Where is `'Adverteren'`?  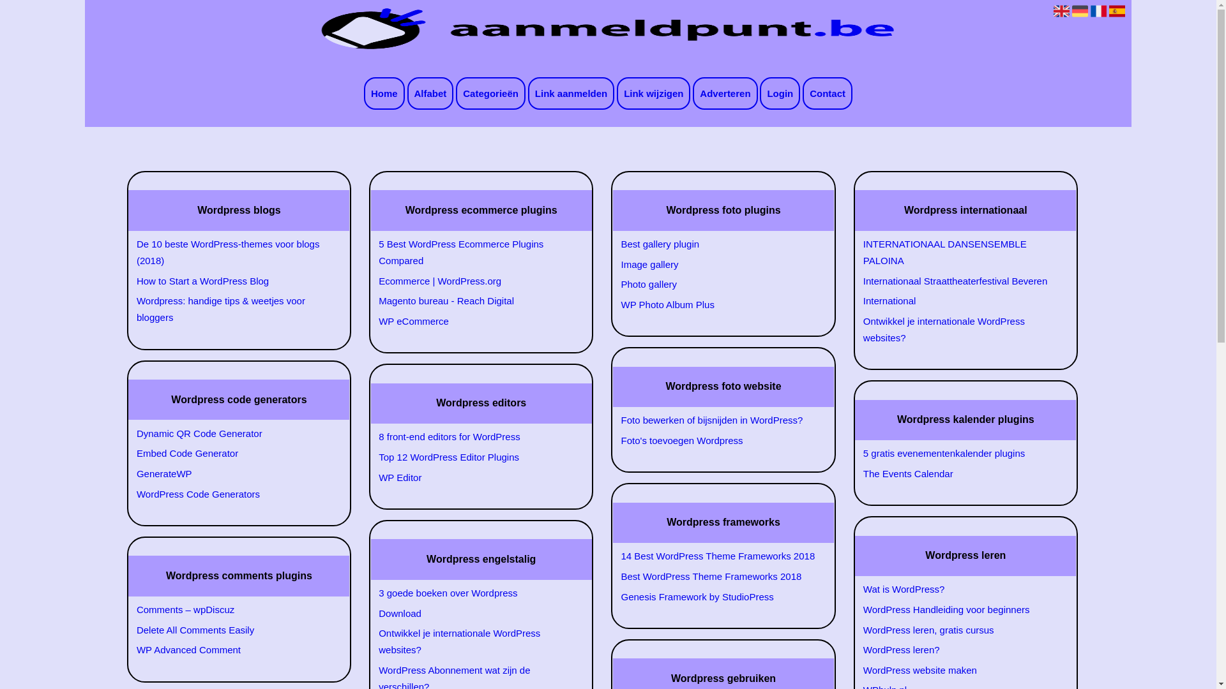 'Adverteren' is located at coordinates (725, 93).